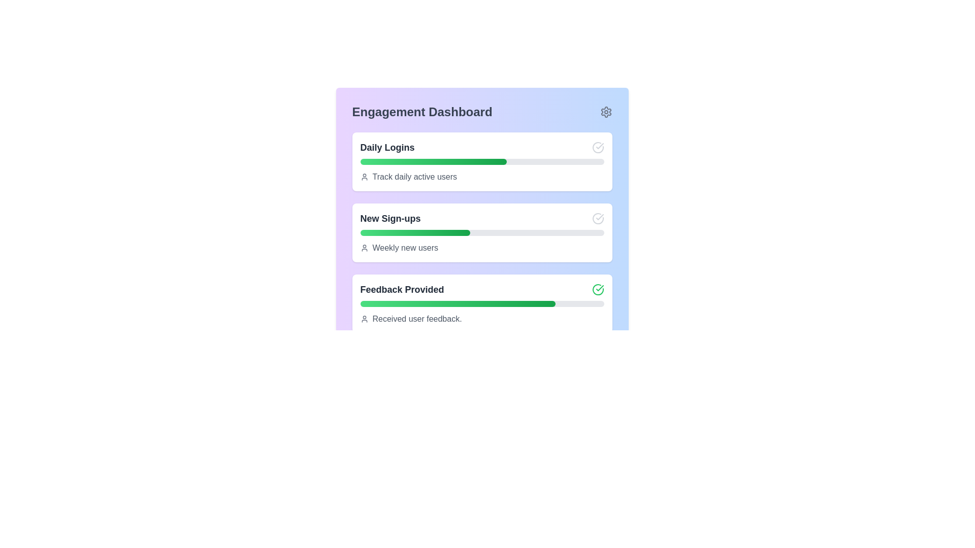 Image resolution: width=975 pixels, height=548 pixels. Describe the element at coordinates (481, 161) in the screenshot. I see `the Progress bar located within the 'Daily Logins' card in the Engagement Dashboard, positioned beneath the 'Daily Logins' heading` at that location.